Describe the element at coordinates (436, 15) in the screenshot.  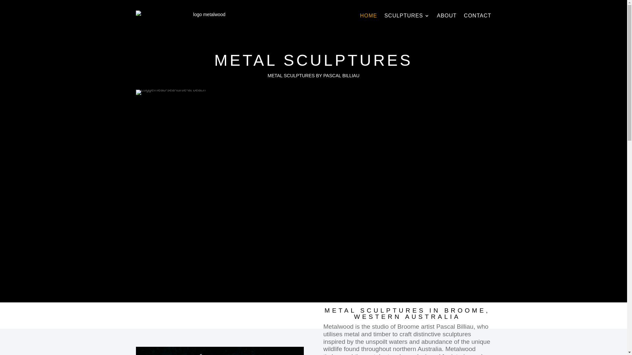
I see `'ABOUT'` at that location.